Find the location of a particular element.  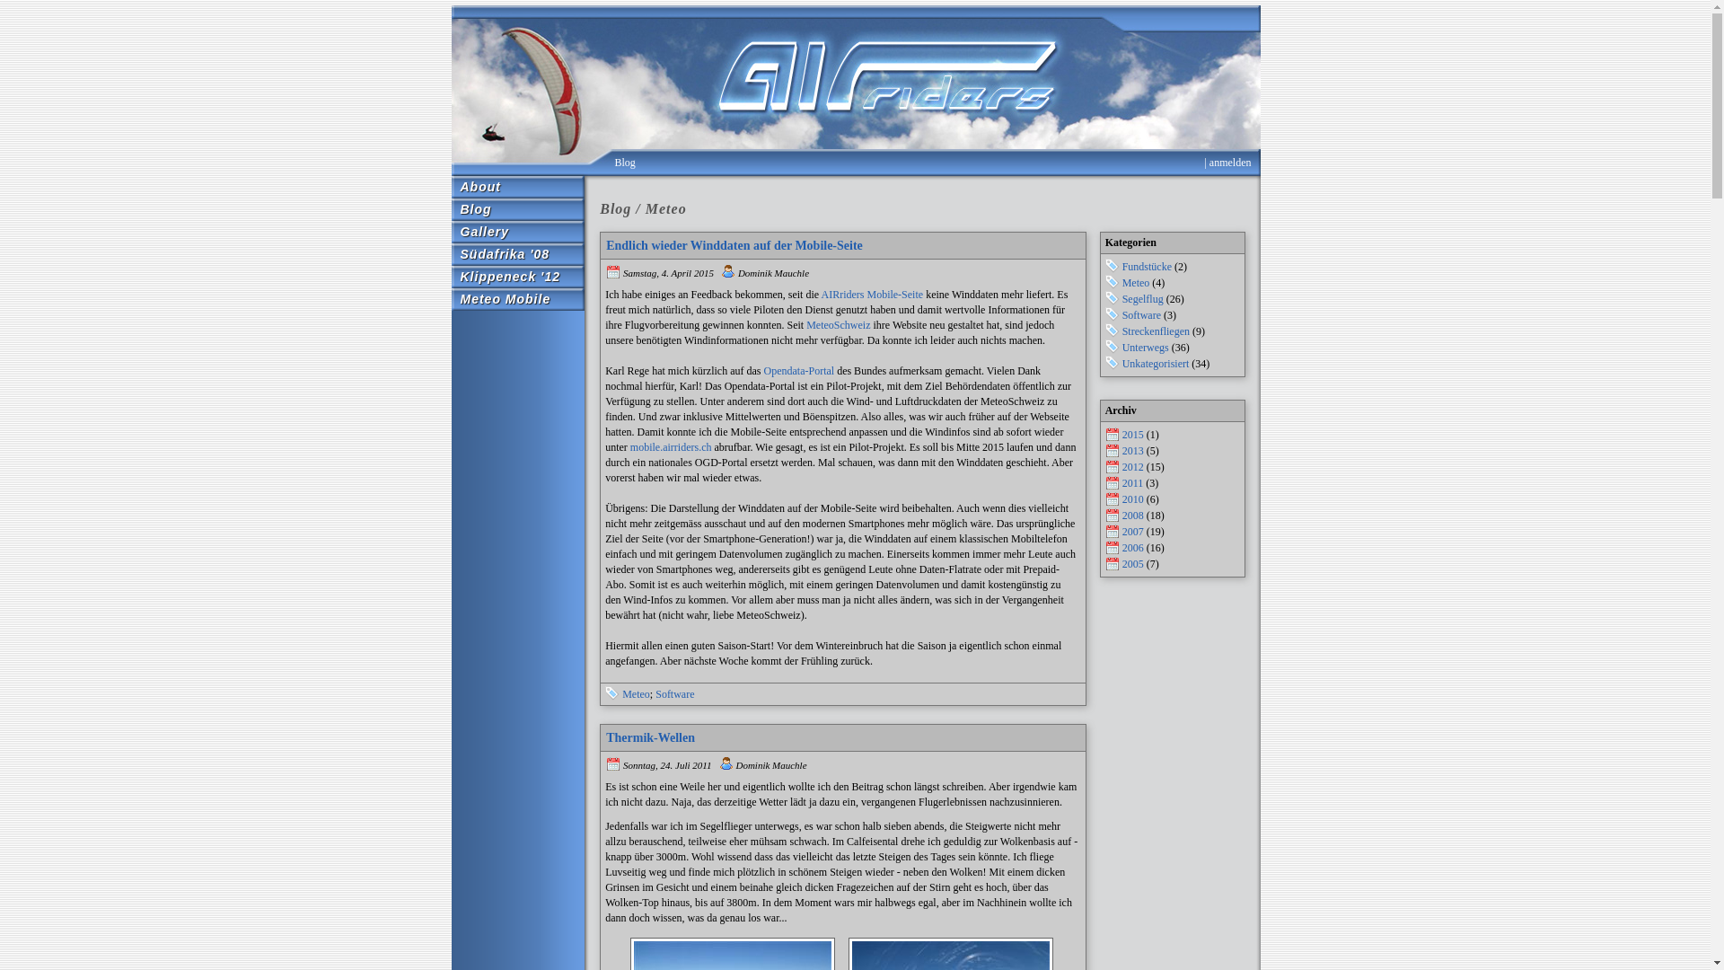

'2011' is located at coordinates (1121, 481).